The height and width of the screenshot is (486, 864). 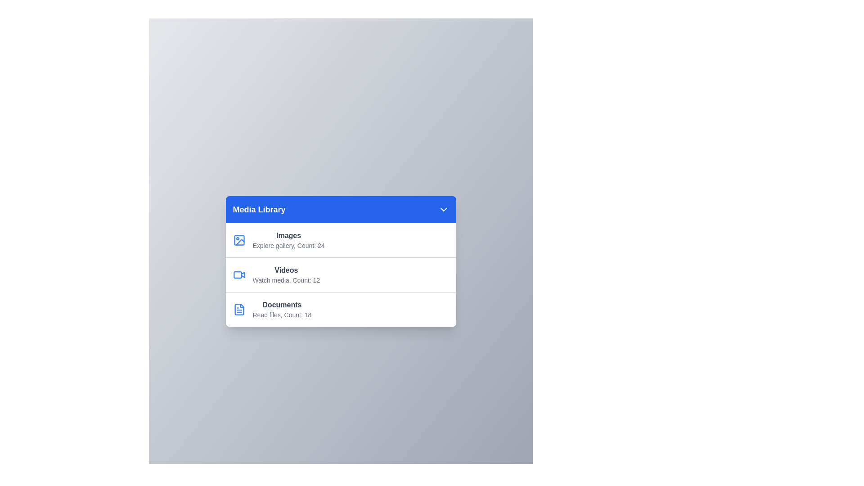 I want to click on the media item Videos from the menu, so click(x=340, y=274).